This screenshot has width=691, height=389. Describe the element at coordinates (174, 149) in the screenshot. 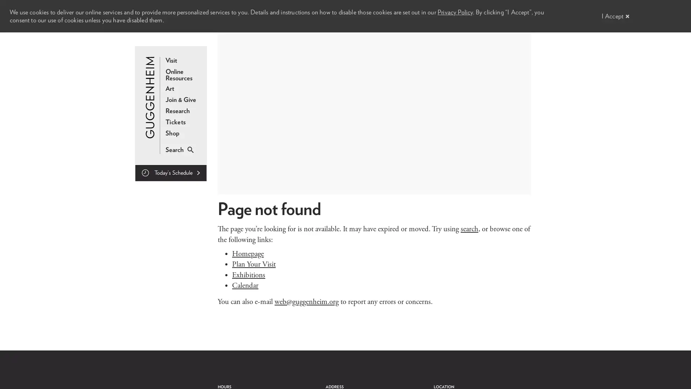

I see `Launch Search form` at that location.